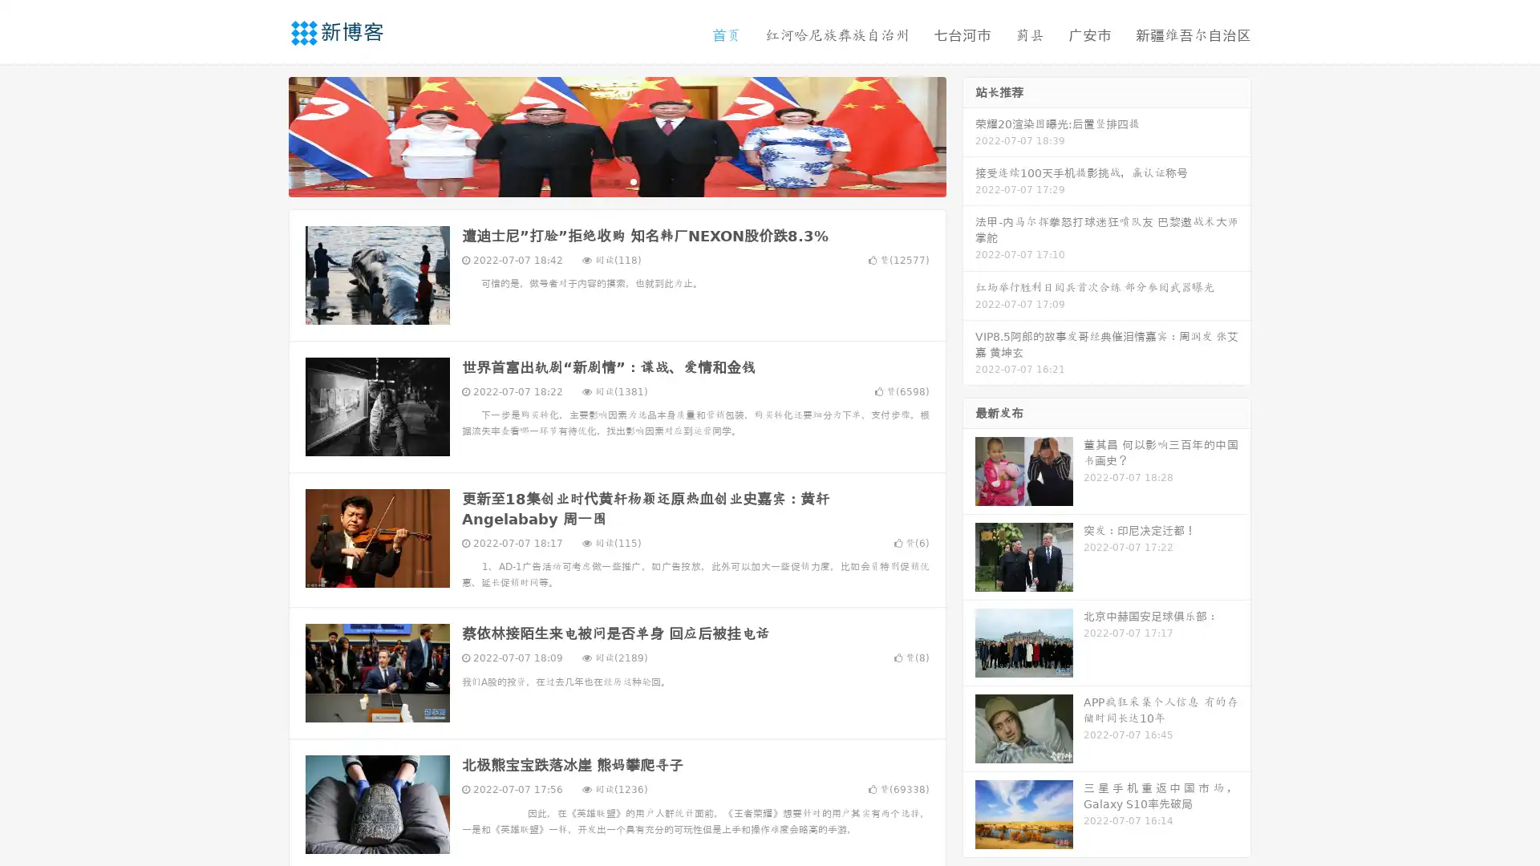 The height and width of the screenshot is (866, 1540). I want to click on Previous slide, so click(265, 135).